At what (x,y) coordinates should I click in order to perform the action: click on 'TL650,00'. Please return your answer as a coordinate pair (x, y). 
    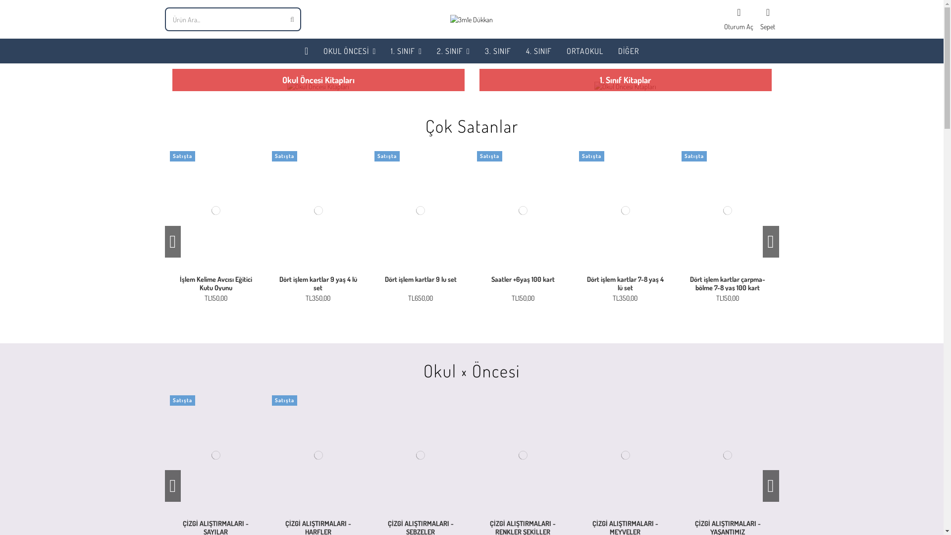
    Looking at the image, I should click on (421, 297).